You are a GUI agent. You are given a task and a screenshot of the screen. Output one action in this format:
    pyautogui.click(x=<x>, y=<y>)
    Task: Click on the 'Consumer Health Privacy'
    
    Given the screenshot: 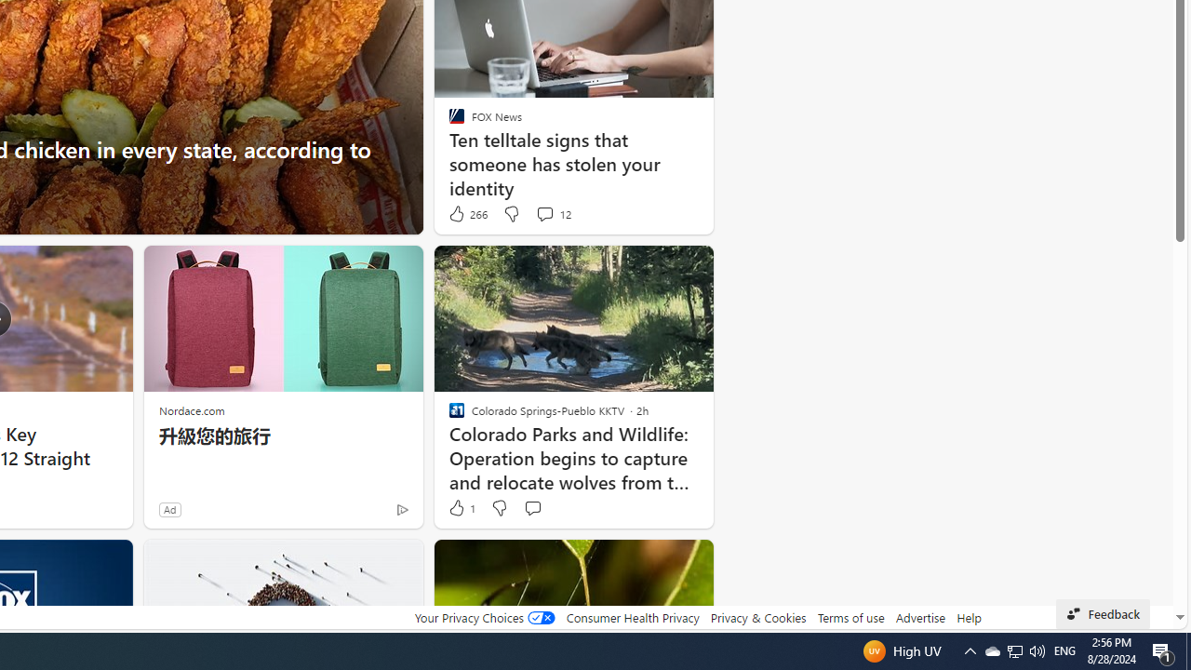 What is the action you would take?
    pyautogui.click(x=633, y=617)
    